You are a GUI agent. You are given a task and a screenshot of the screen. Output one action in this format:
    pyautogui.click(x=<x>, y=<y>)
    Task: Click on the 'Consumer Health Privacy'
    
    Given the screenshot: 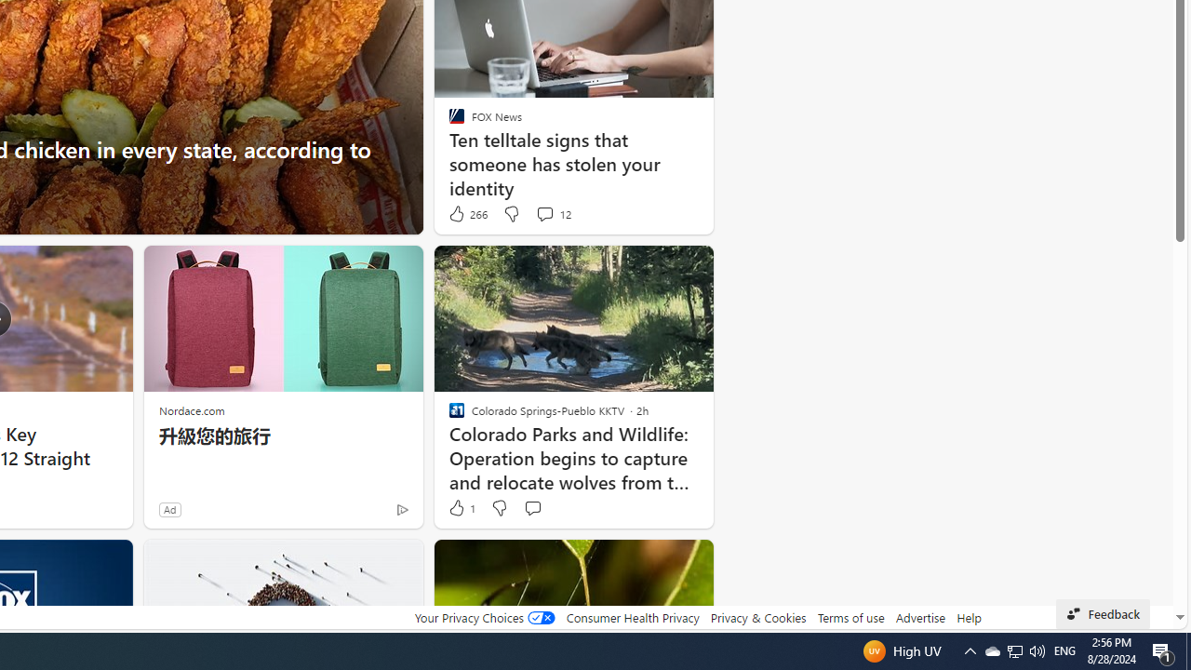 What is the action you would take?
    pyautogui.click(x=633, y=617)
    